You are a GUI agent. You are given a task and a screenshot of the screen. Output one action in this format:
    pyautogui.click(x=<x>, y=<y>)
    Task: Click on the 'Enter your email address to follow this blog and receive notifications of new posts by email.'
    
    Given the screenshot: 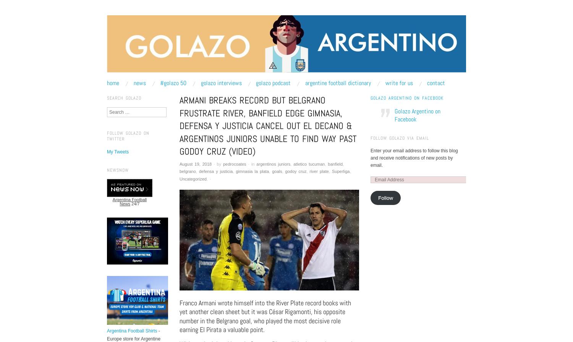 What is the action you would take?
    pyautogui.click(x=414, y=157)
    